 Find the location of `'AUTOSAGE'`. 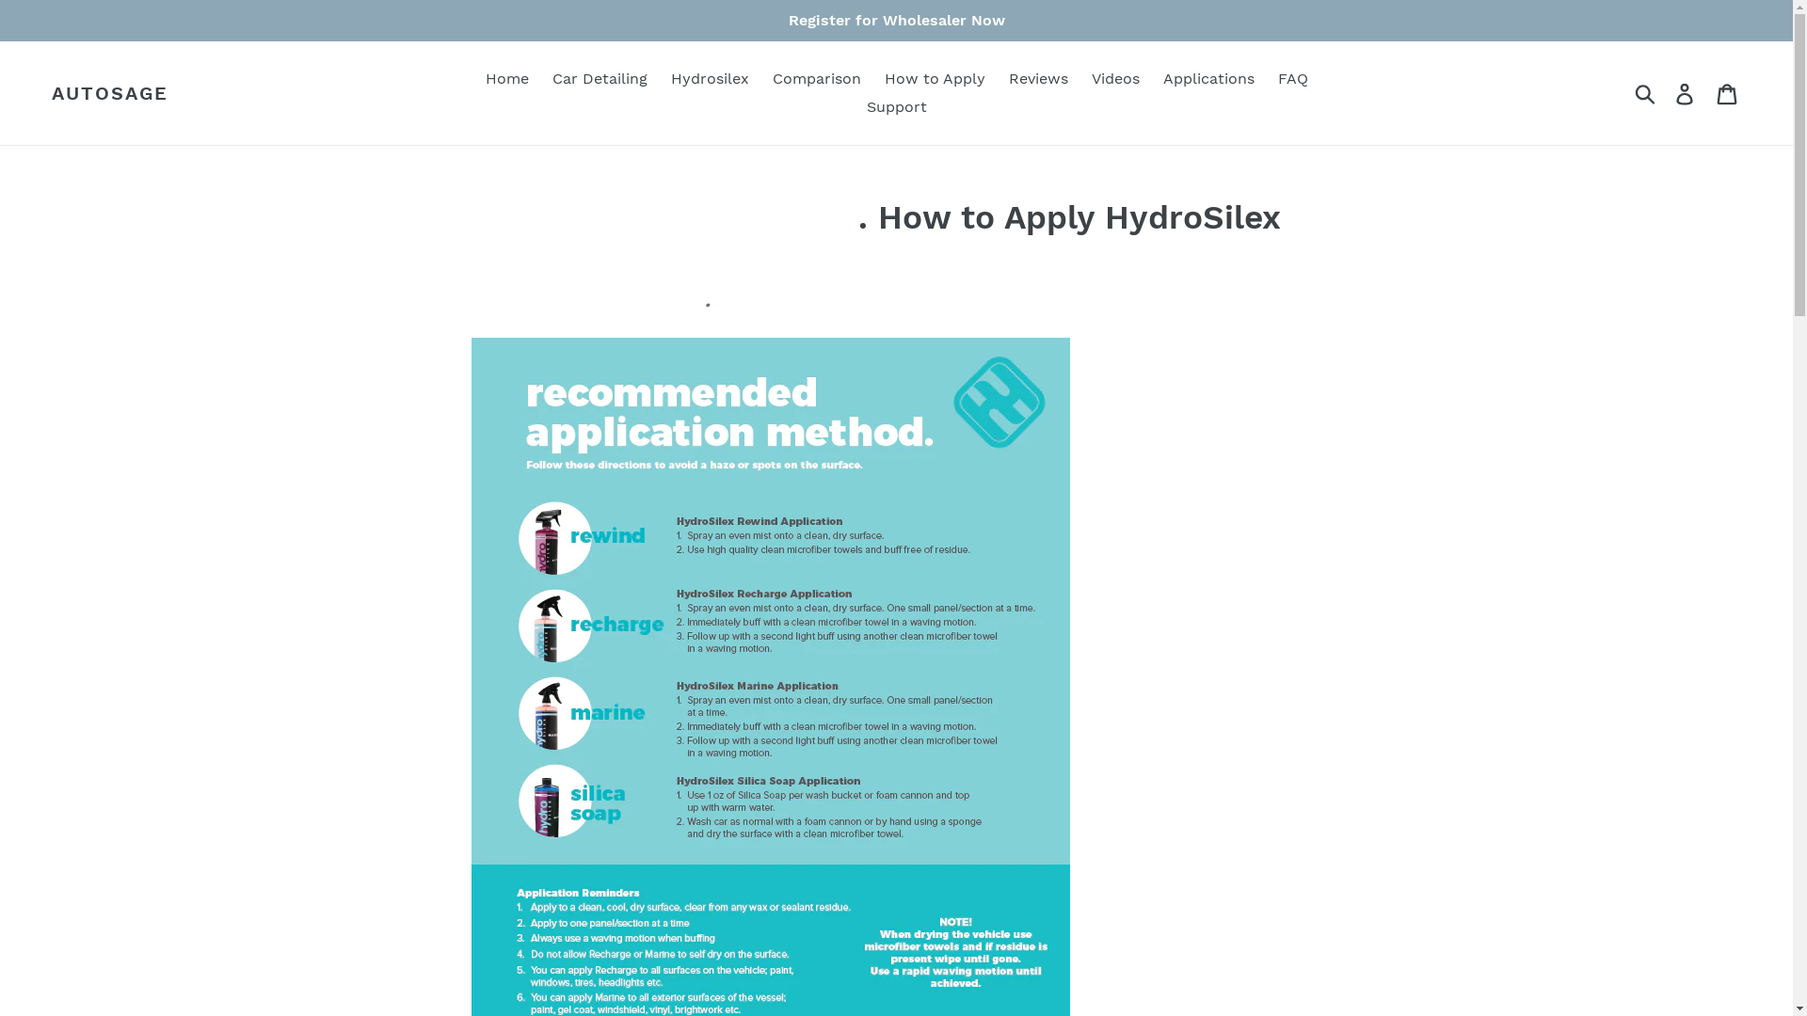

'AUTOSAGE' is located at coordinates (108, 93).